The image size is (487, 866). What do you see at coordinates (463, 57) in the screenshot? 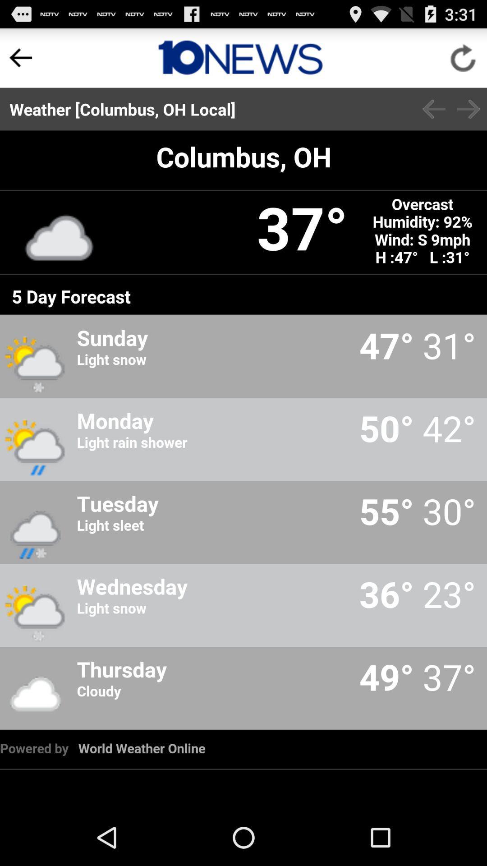
I see `click reload option` at bounding box center [463, 57].